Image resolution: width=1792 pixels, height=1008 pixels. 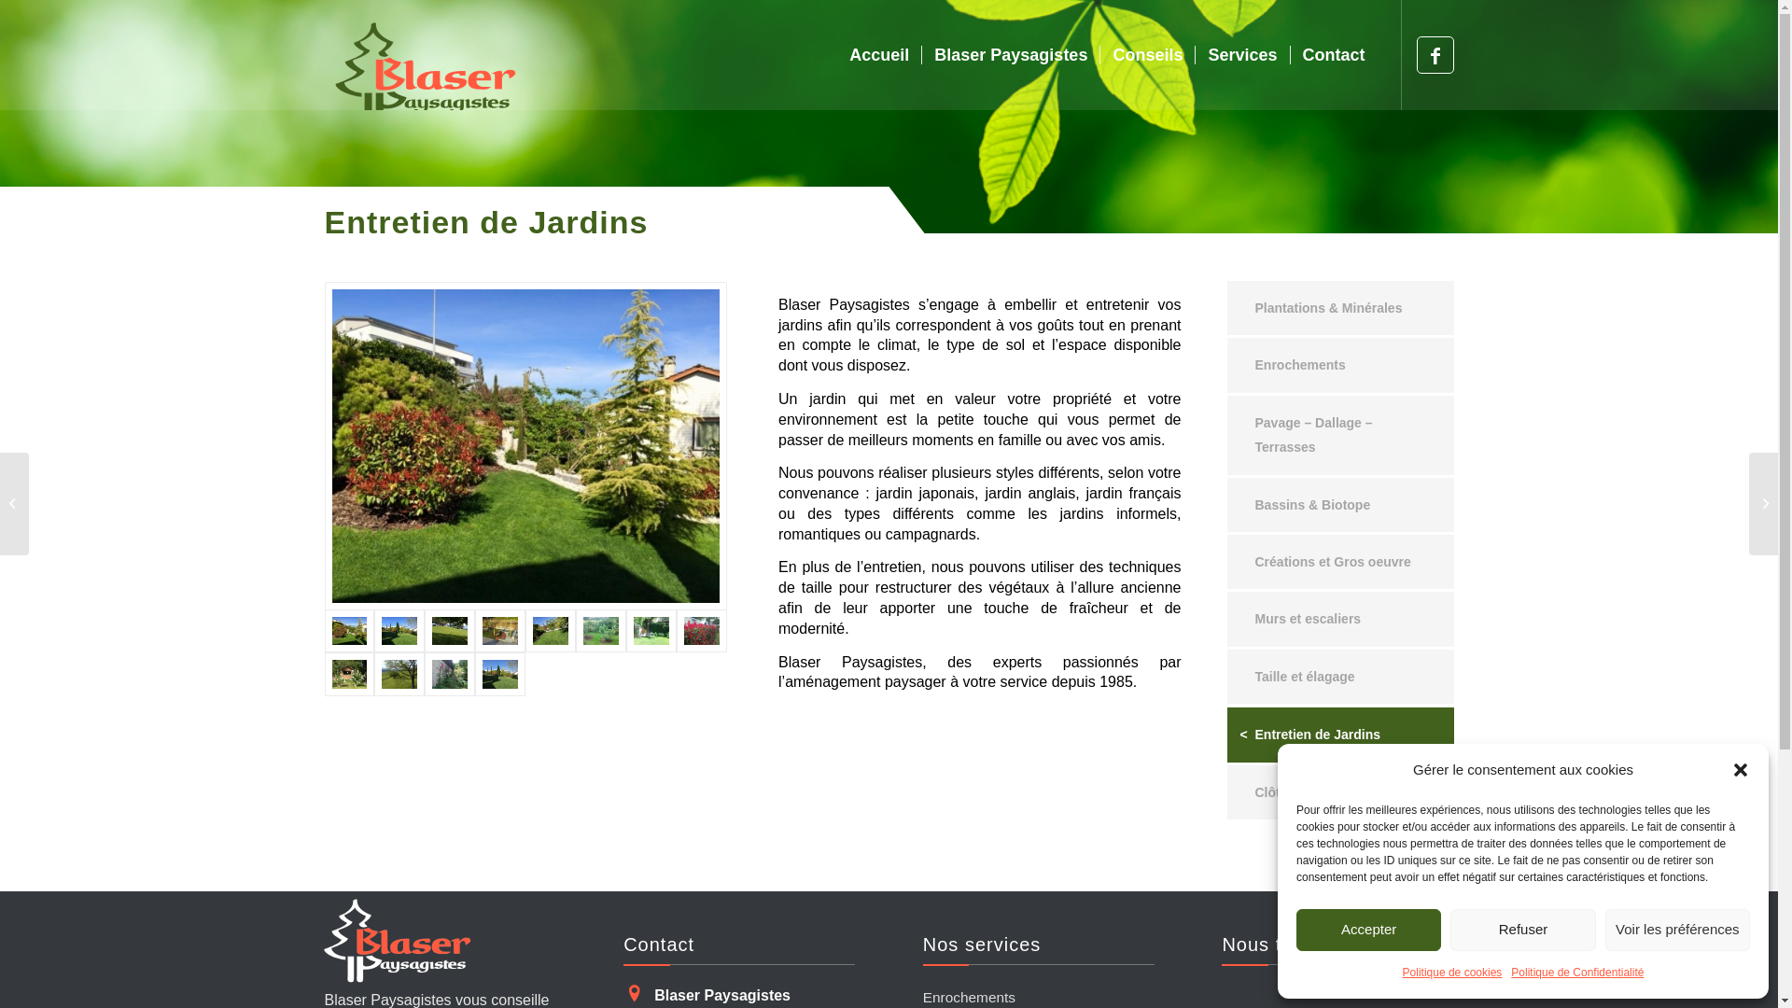 I want to click on 'Murs et escaliers', so click(x=1226, y=619).